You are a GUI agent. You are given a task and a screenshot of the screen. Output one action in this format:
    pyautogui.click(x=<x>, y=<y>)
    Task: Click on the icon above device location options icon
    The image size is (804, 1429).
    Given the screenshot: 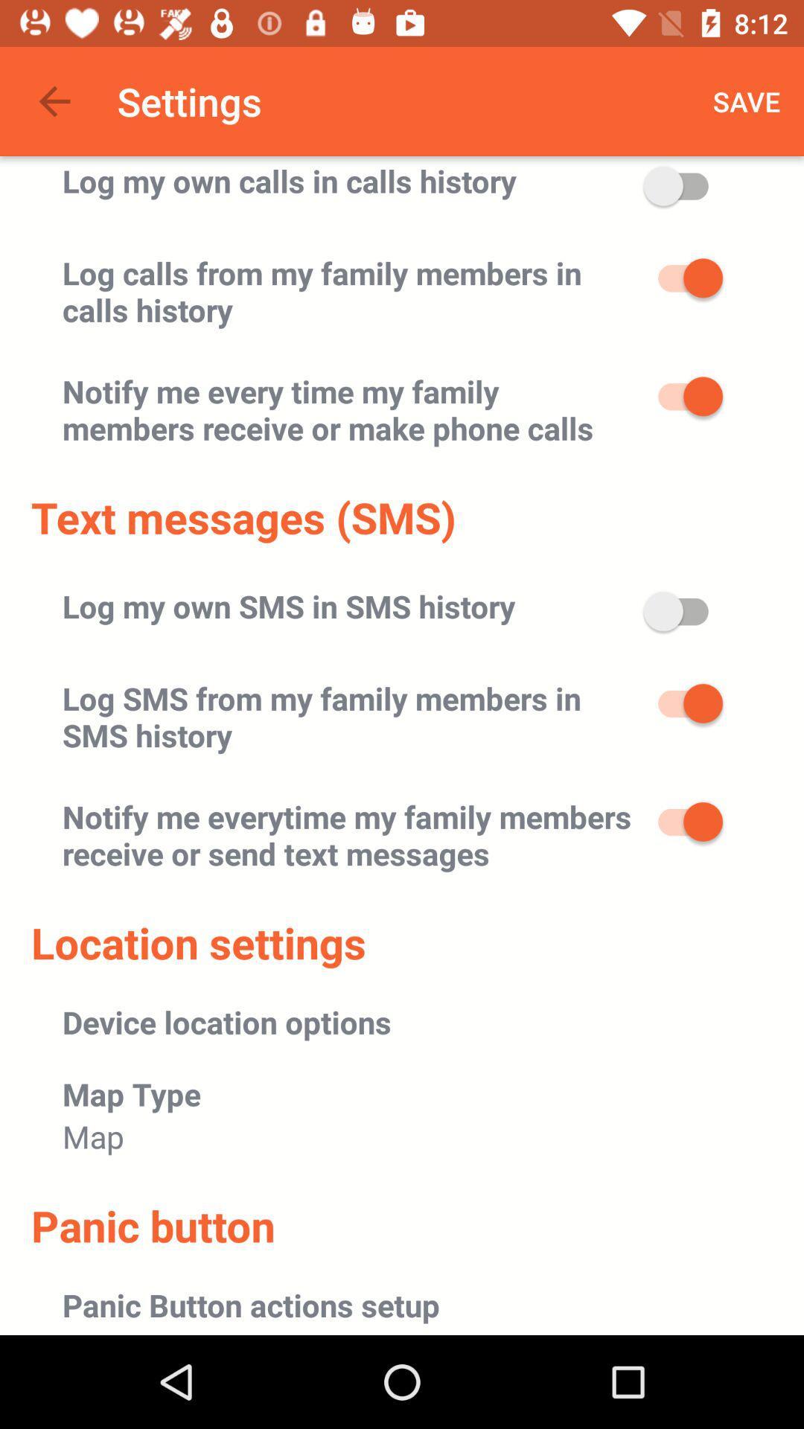 What is the action you would take?
    pyautogui.click(x=197, y=942)
    